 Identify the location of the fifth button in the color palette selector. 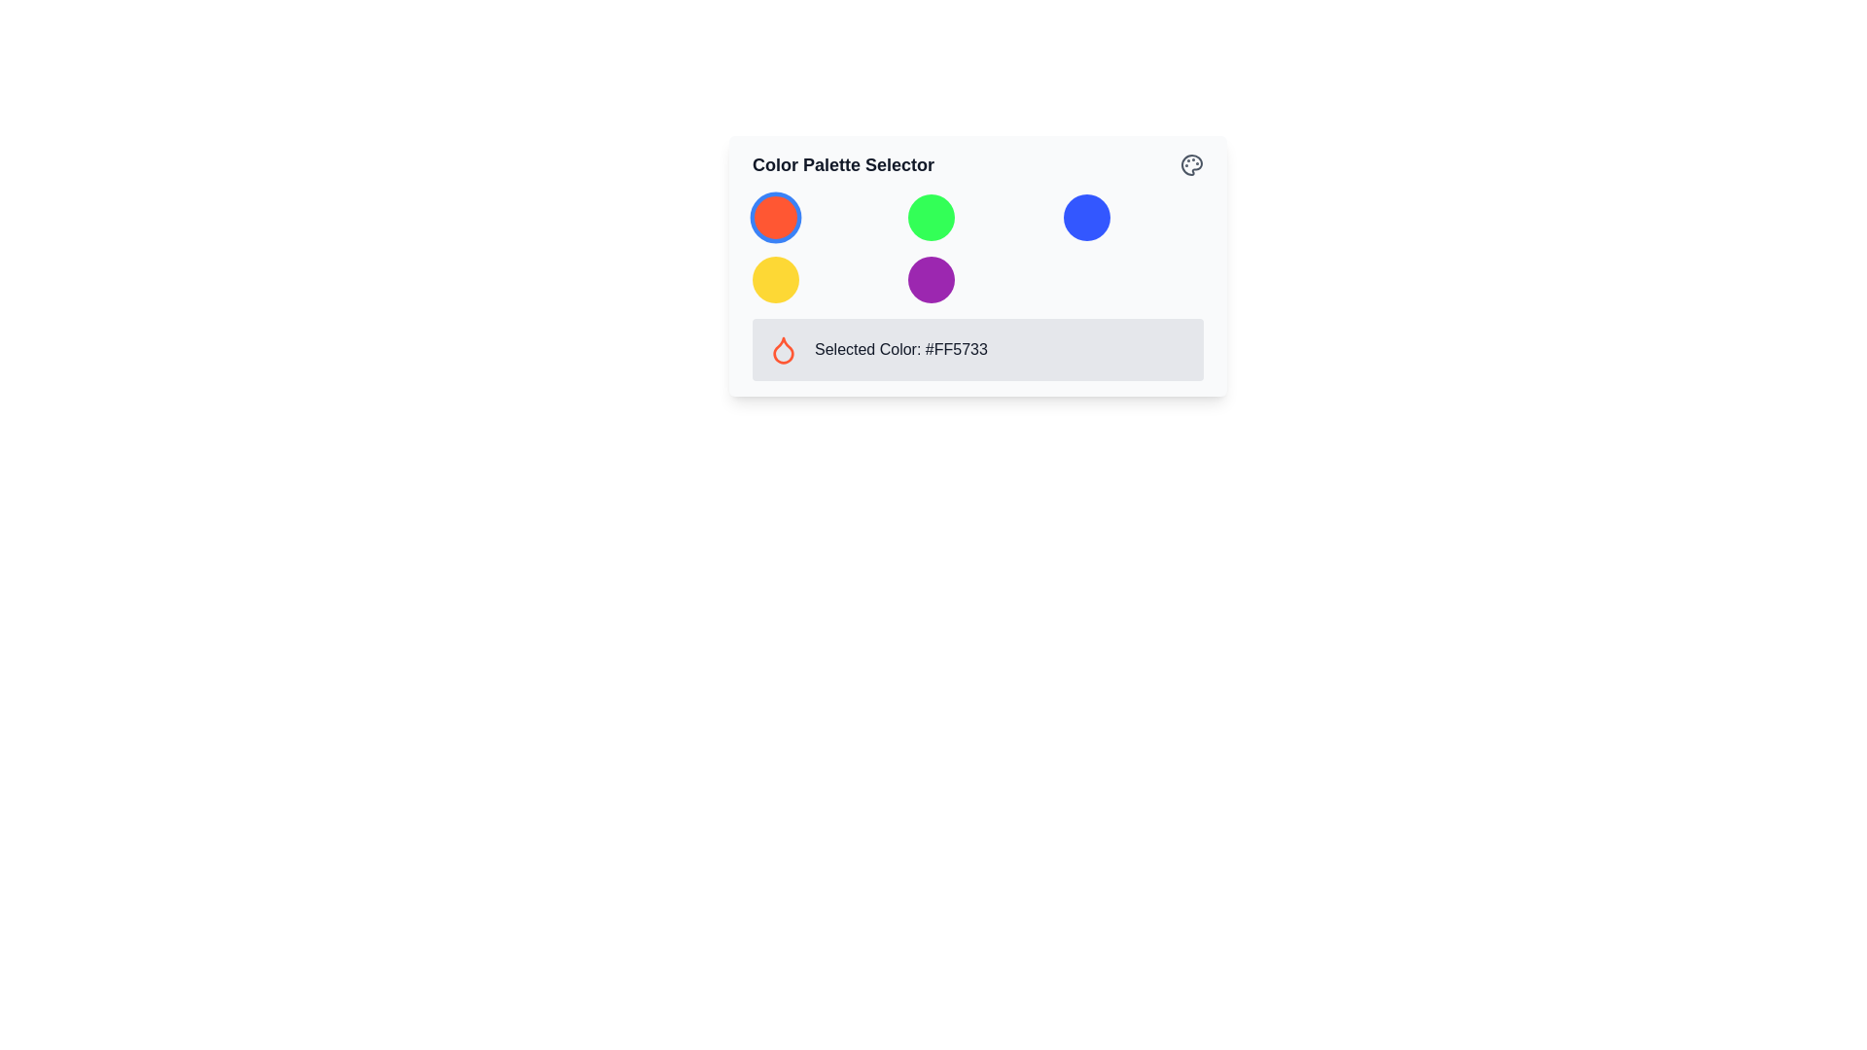
(931, 280).